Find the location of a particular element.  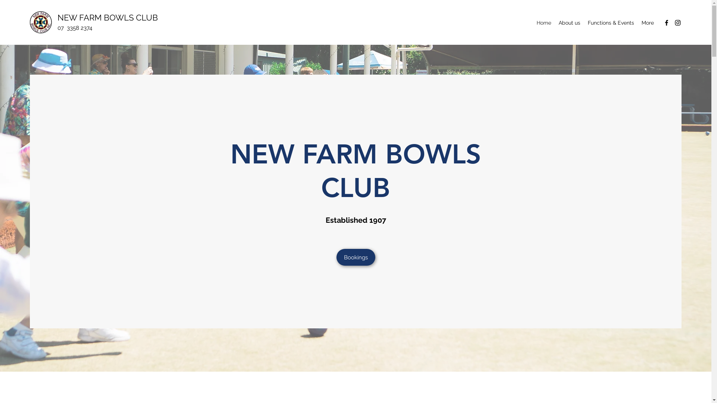

'Bookings' is located at coordinates (355, 257).